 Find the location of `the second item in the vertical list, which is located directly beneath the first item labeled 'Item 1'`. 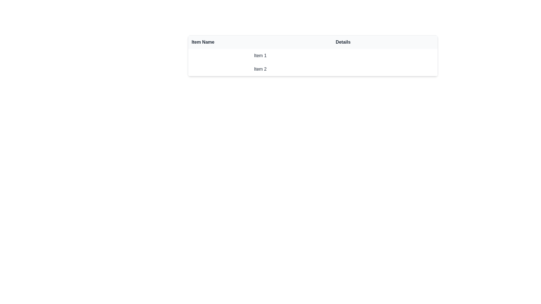

the second item in the vertical list, which is located directly beneath the first item labeled 'Item 1' is located at coordinates (312, 69).